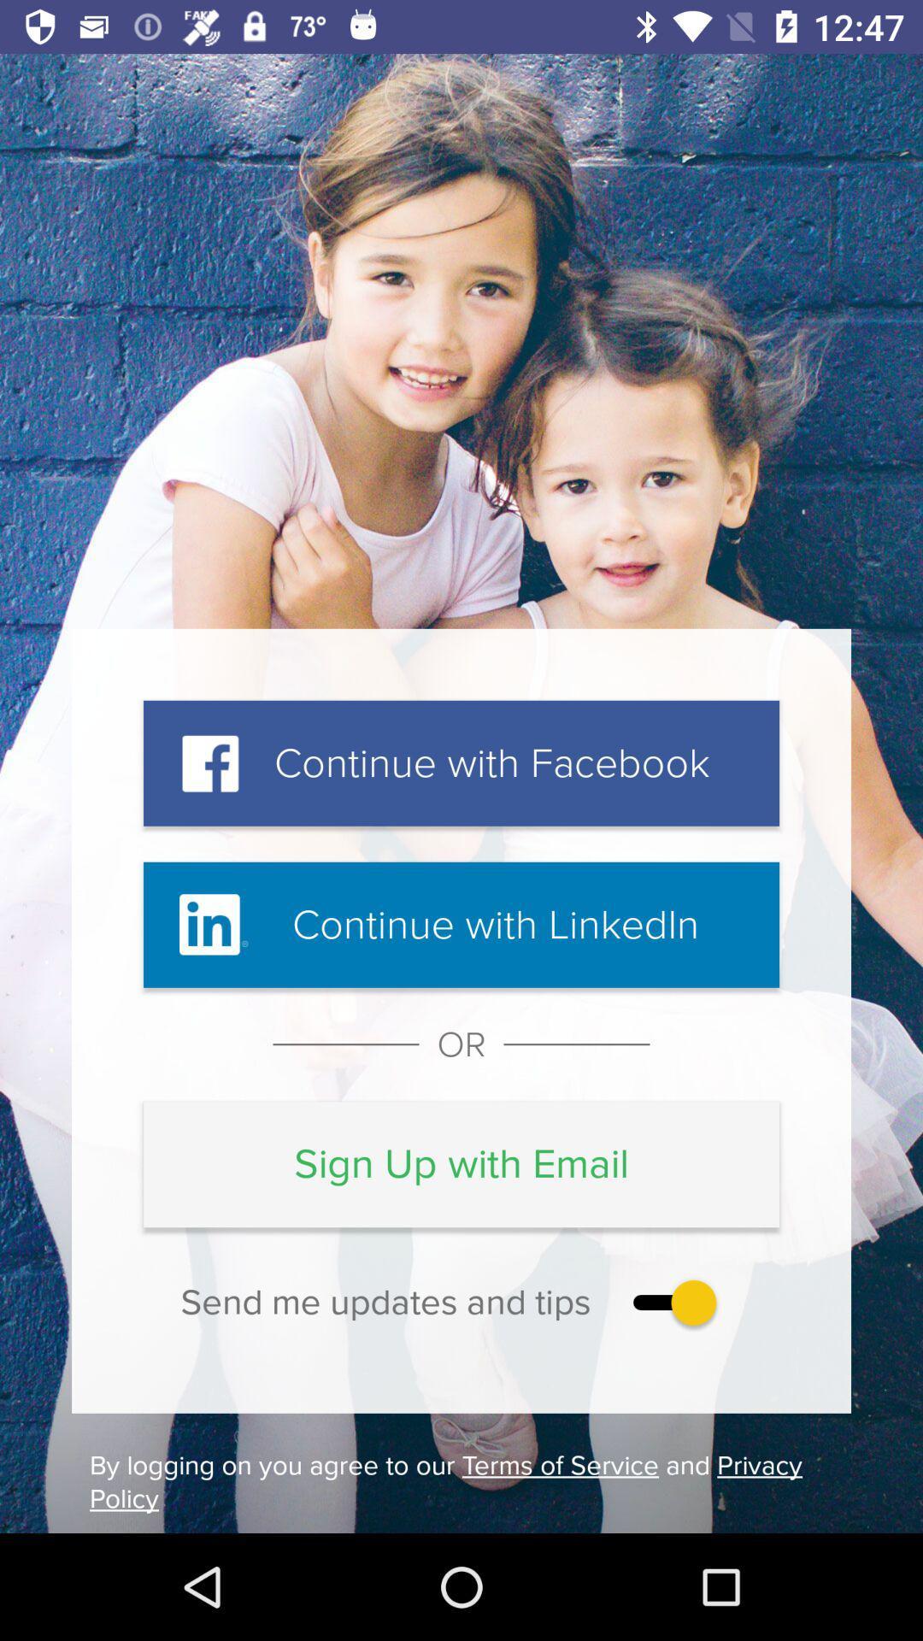 This screenshot has height=1641, width=923. What do you see at coordinates (461, 1481) in the screenshot?
I see `the by logging on icon` at bounding box center [461, 1481].